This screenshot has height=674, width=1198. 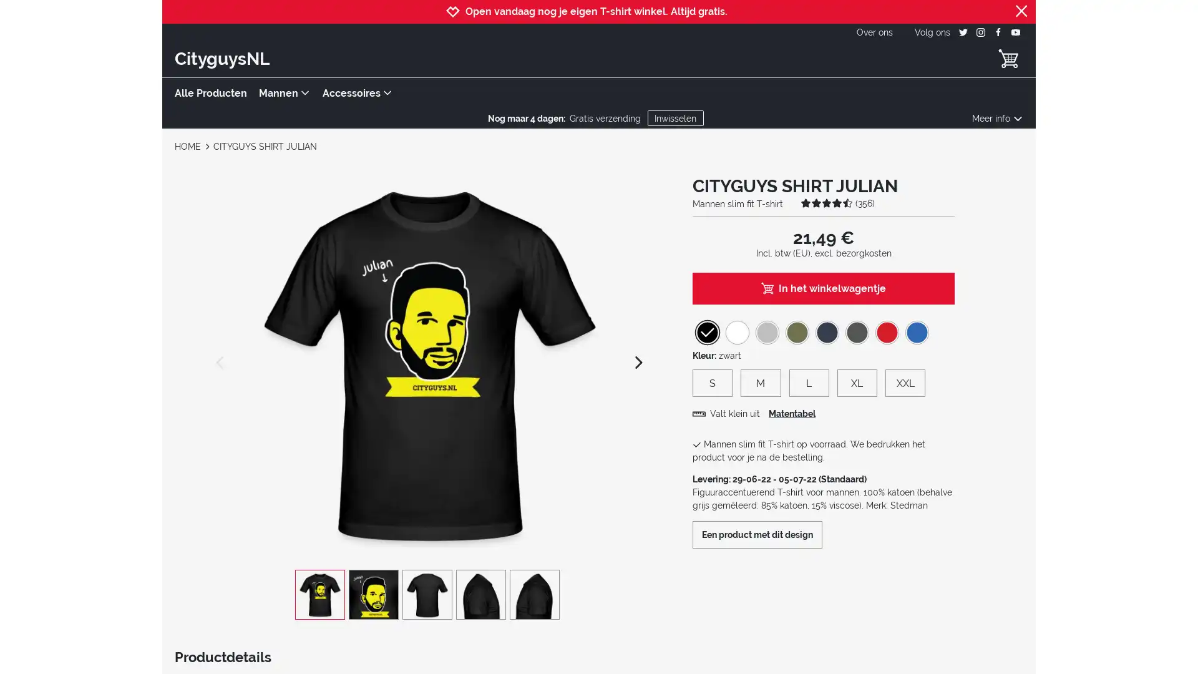 What do you see at coordinates (837, 202) in the screenshot?
I see `(356)` at bounding box center [837, 202].